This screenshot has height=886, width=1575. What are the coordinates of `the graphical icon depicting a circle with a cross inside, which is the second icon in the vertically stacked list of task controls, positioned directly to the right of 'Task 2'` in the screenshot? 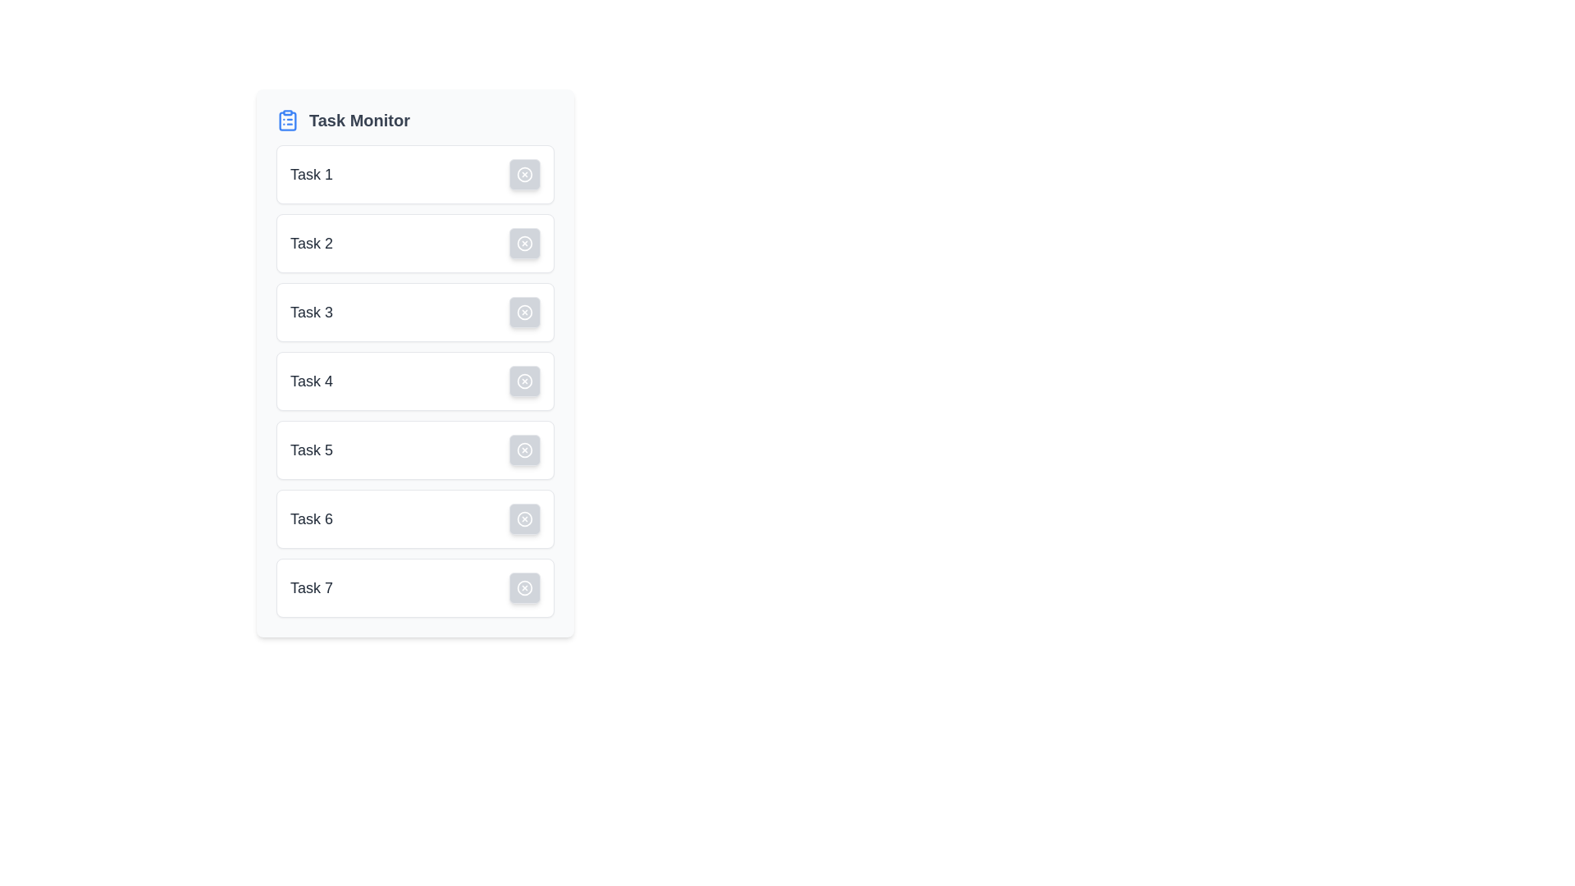 It's located at (523, 244).